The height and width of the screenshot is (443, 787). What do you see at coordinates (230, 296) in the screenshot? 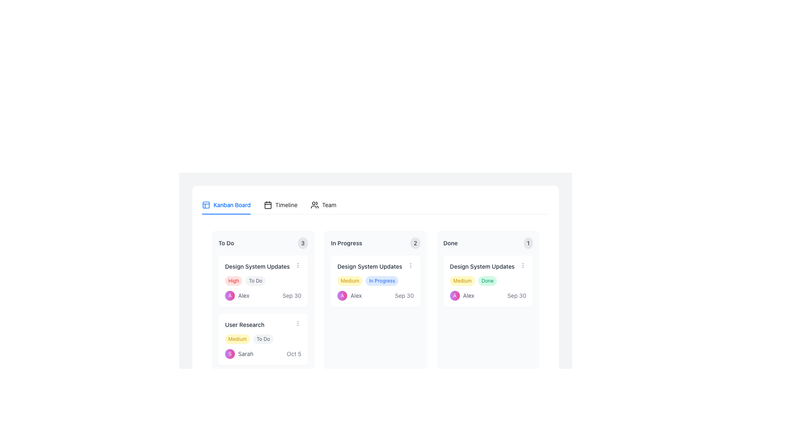
I see `the small circular avatar icon with a gradient background and a centered white letter 'A', which is positioned to the left of the text 'Alex' within the task card in the 'To Do' column` at bounding box center [230, 296].